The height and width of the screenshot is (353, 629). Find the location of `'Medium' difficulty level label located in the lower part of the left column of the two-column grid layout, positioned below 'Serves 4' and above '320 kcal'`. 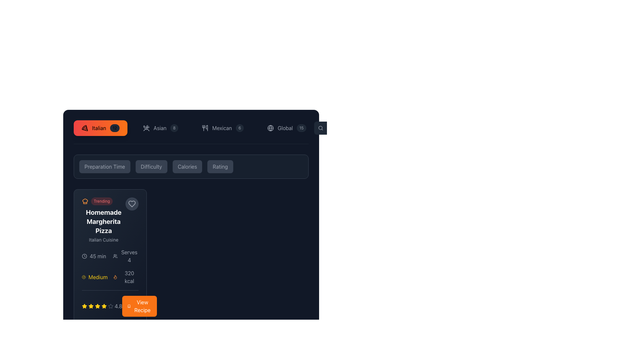

'Medium' difficulty level label located in the lower part of the left column of the two-column grid layout, positioned below 'Serves 4' and above '320 kcal' is located at coordinates (94, 277).